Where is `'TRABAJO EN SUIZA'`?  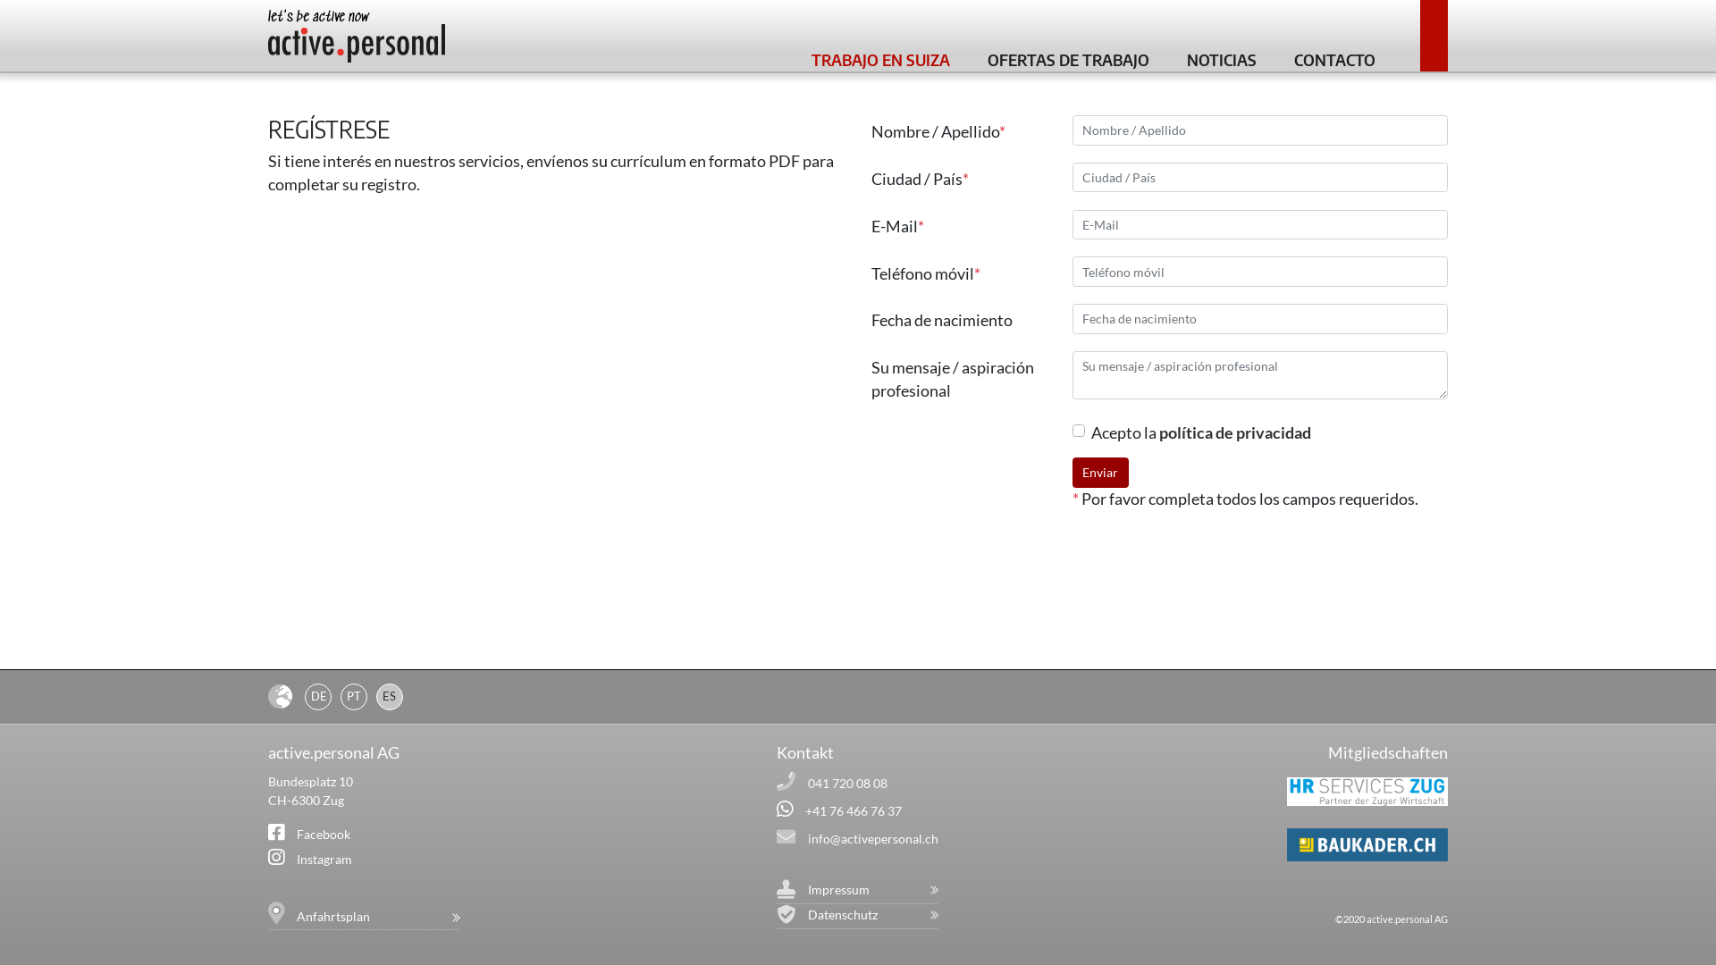
'TRABAJO EN SUIZA' is located at coordinates (880, 56).